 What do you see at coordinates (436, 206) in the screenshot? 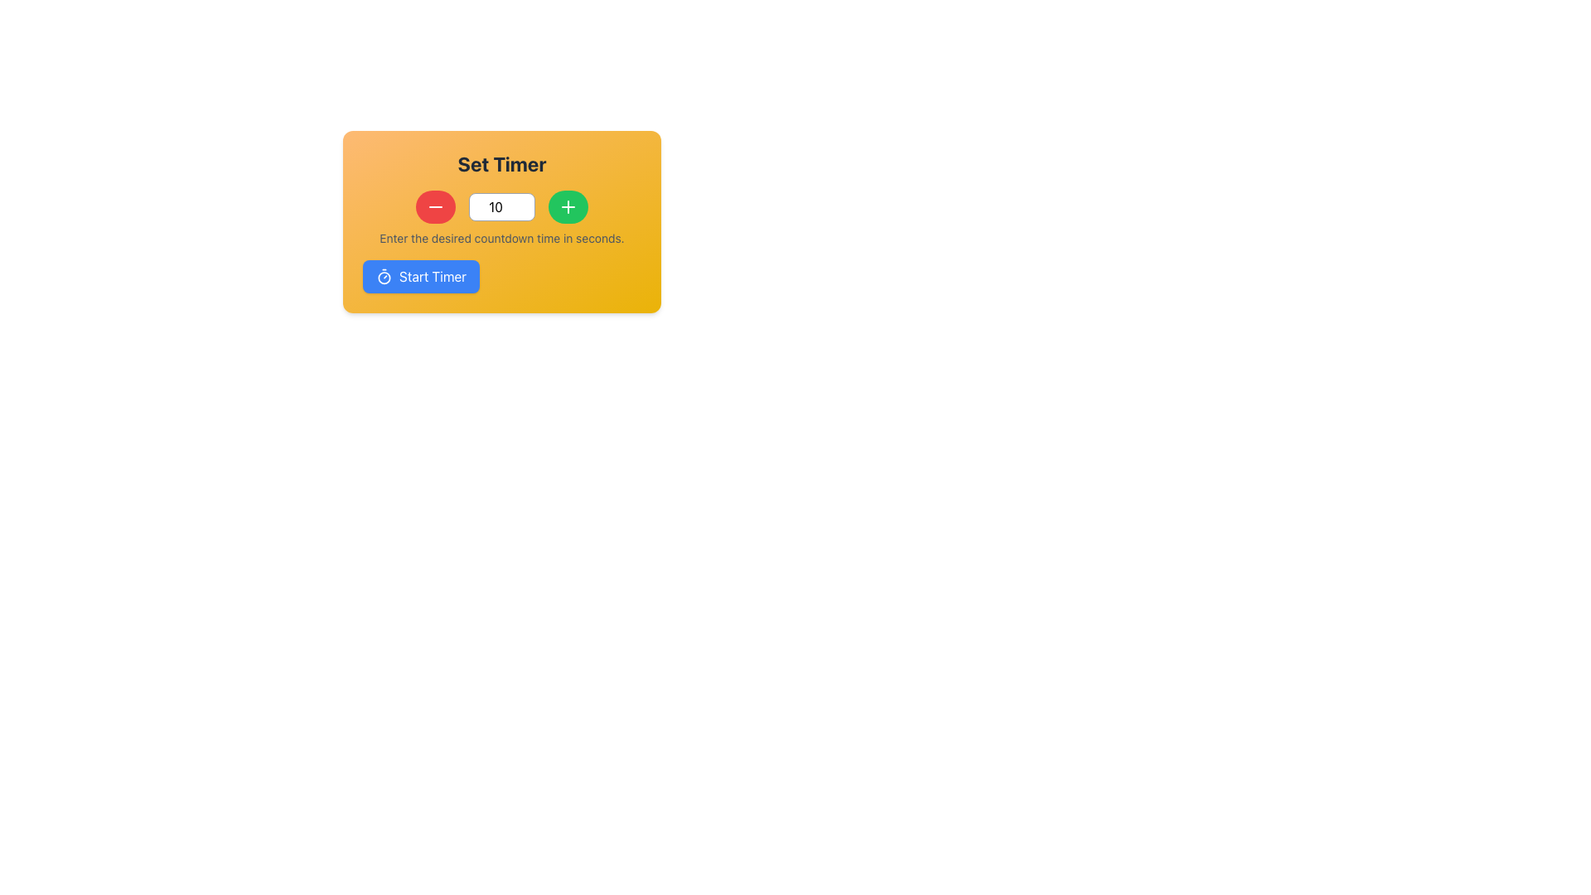
I see `the circular red button with a white minus icon, which is located to the left of the numeric input box in the row of interactive controls` at bounding box center [436, 206].